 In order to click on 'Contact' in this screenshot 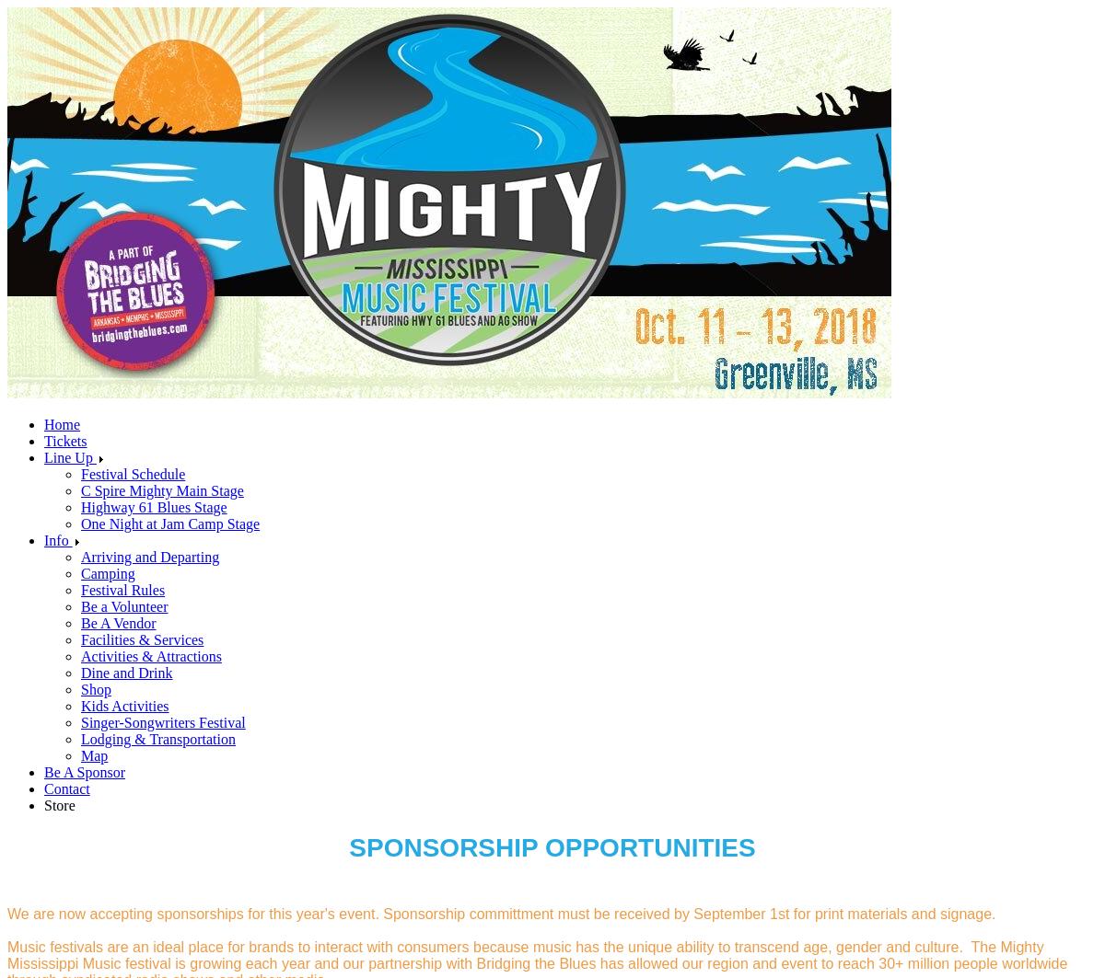, I will do `click(66, 788)`.